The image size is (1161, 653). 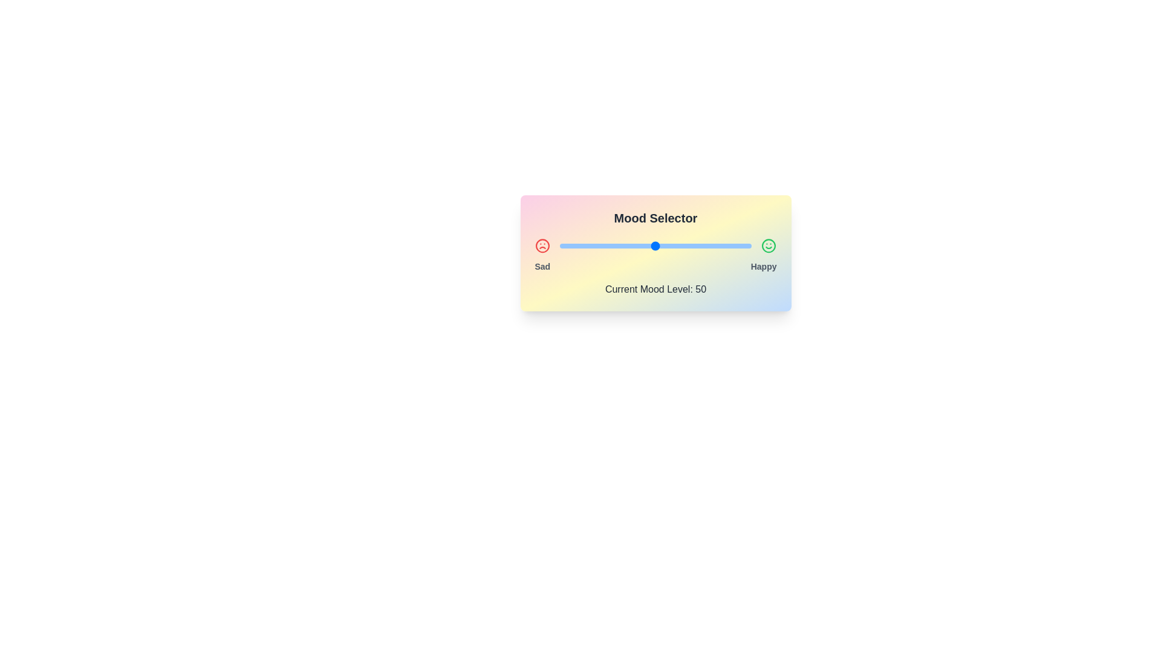 What do you see at coordinates (763, 265) in the screenshot?
I see `the text 'Happy' to highlight it` at bounding box center [763, 265].